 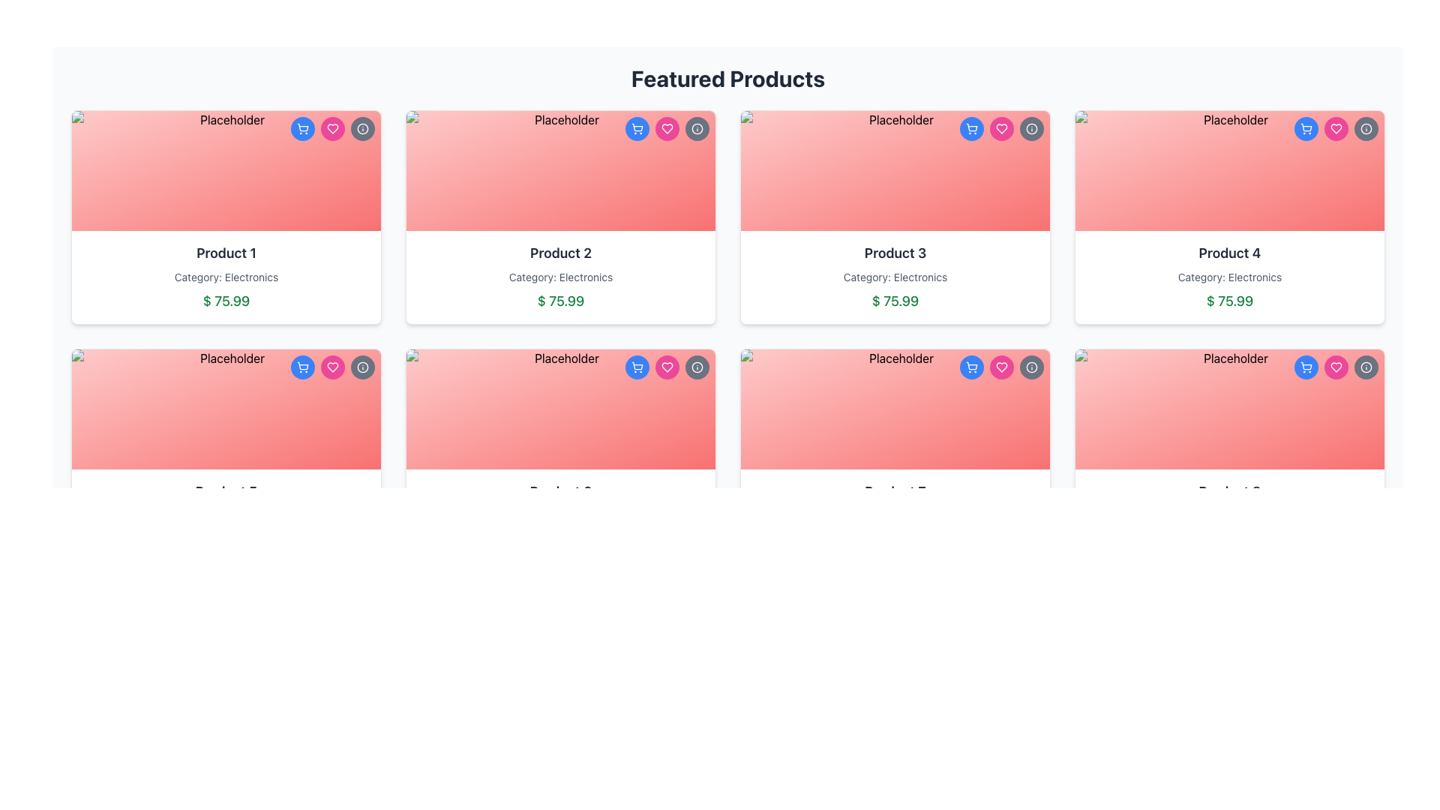 What do you see at coordinates (1306, 367) in the screenshot?
I see `the circular blue button with a white shopping cart icon located at the top-right corner of the product card for 'Product 4'` at bounding box center [1306, 367].